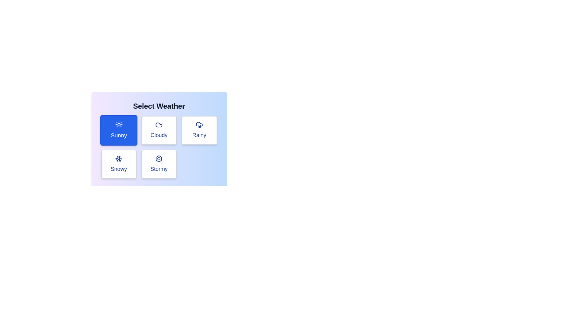 Image resolution: width=580 pixels, height=326 pixels. What do you see at coordinates (119, 130) in the screenshot?
I see `the blue button labeled 'Sunny' with a sun icon` at bounding box center [119, 130].